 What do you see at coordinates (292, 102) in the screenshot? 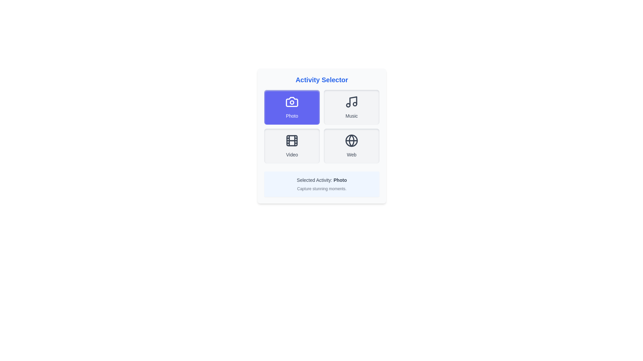
I see `the lens part of the camera icon, which represents the 'Photo' option in the activity selector interface` at bounding box center [292, 102].